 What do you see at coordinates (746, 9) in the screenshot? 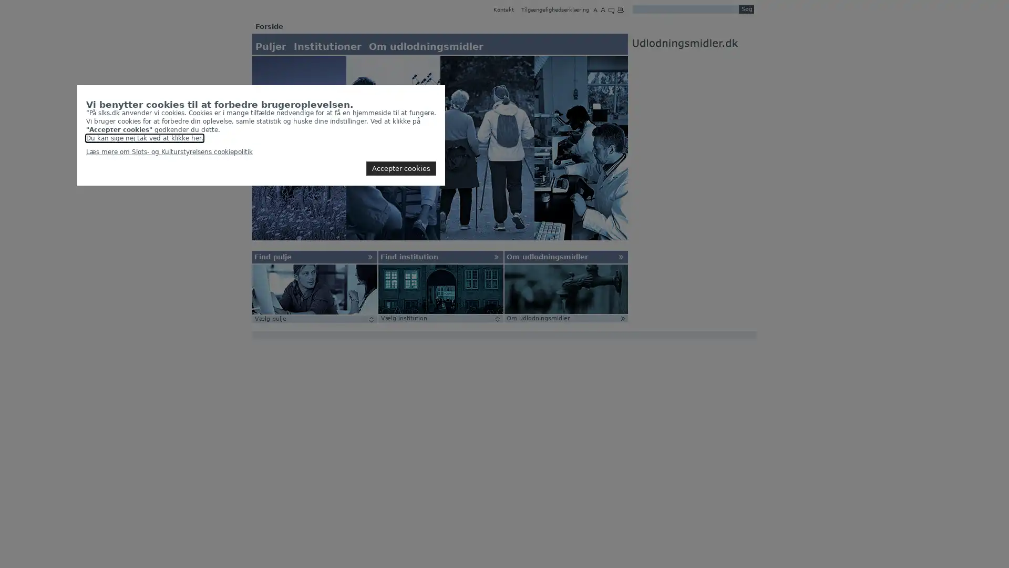
I see `Sg` at bounding box center [746, 9].